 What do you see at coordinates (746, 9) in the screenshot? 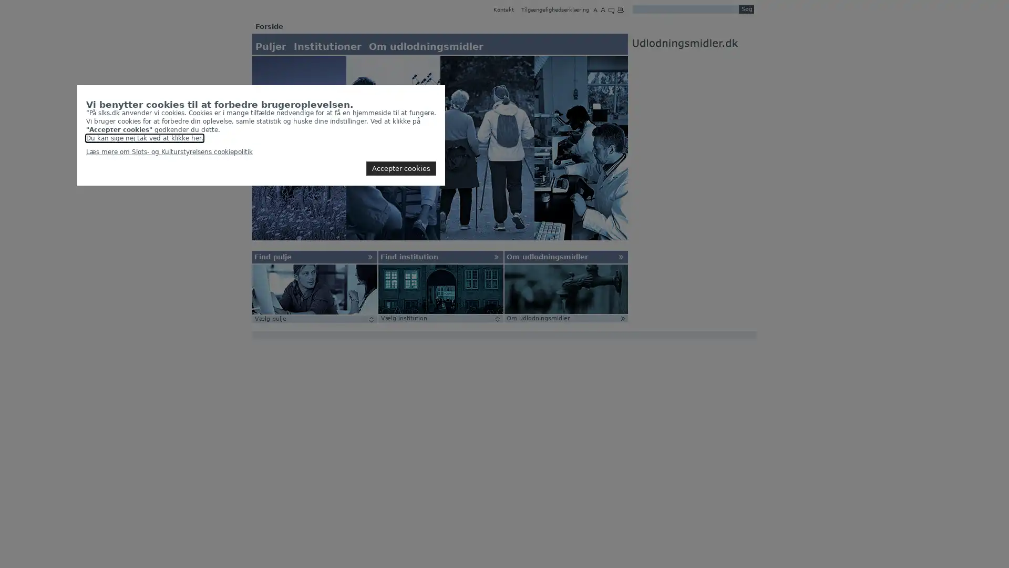
I see `Sg` at bounding box center [746, 9].